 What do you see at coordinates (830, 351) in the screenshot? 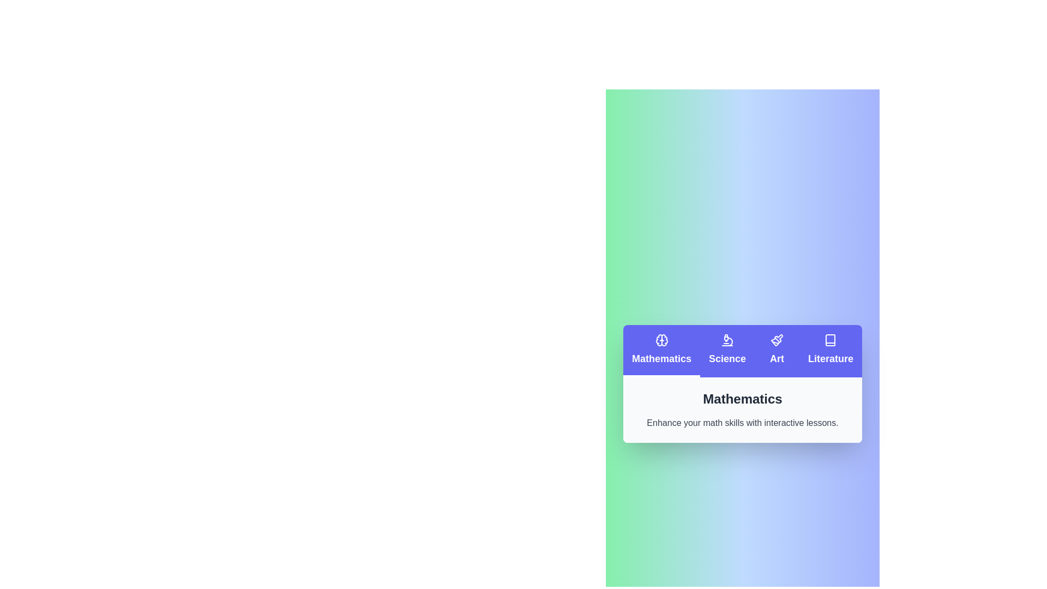
I see `the Literature tab by clicking on it` at bounding box center [830, 351].